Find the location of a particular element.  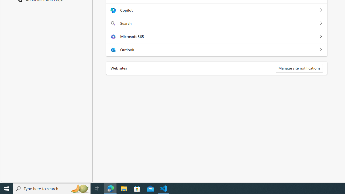

'Manage site notifications' is located at coordinates (299, 68).